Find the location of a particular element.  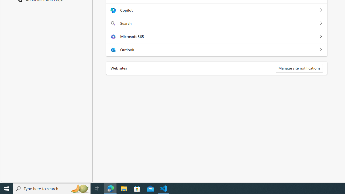

'Manage site notifications' is located at coordinates (299, 68).